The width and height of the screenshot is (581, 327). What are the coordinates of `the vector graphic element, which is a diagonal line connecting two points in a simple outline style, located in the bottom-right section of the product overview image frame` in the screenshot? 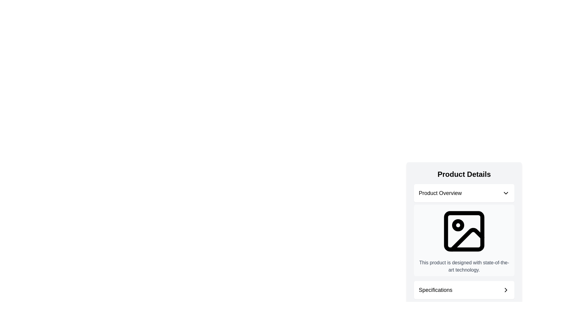 It's located at (467, 239).